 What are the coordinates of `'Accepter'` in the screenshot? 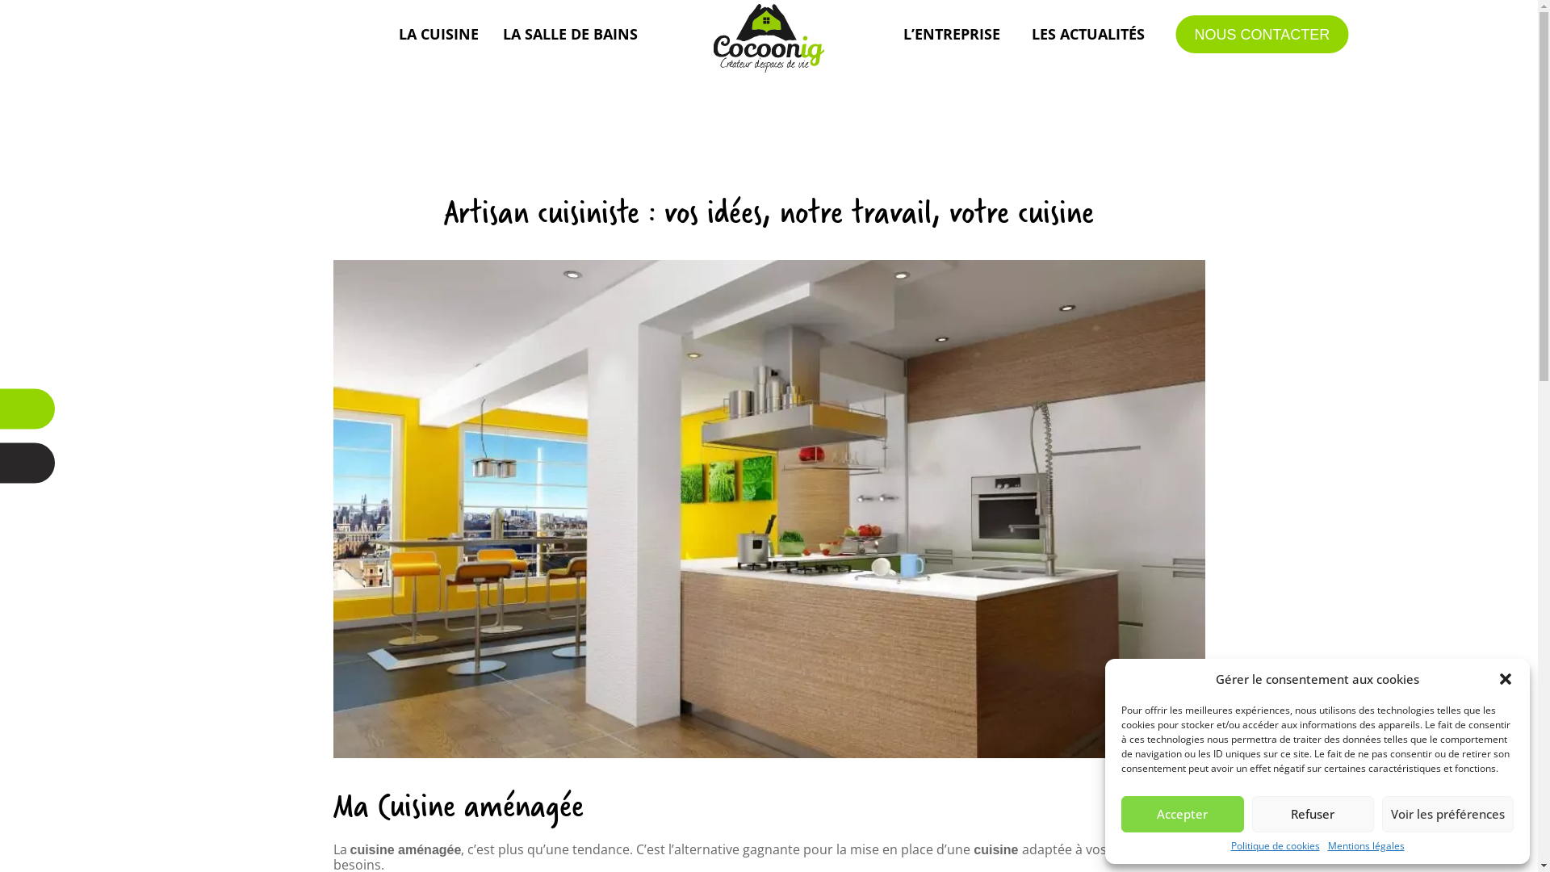 It's located at (1182, 814).